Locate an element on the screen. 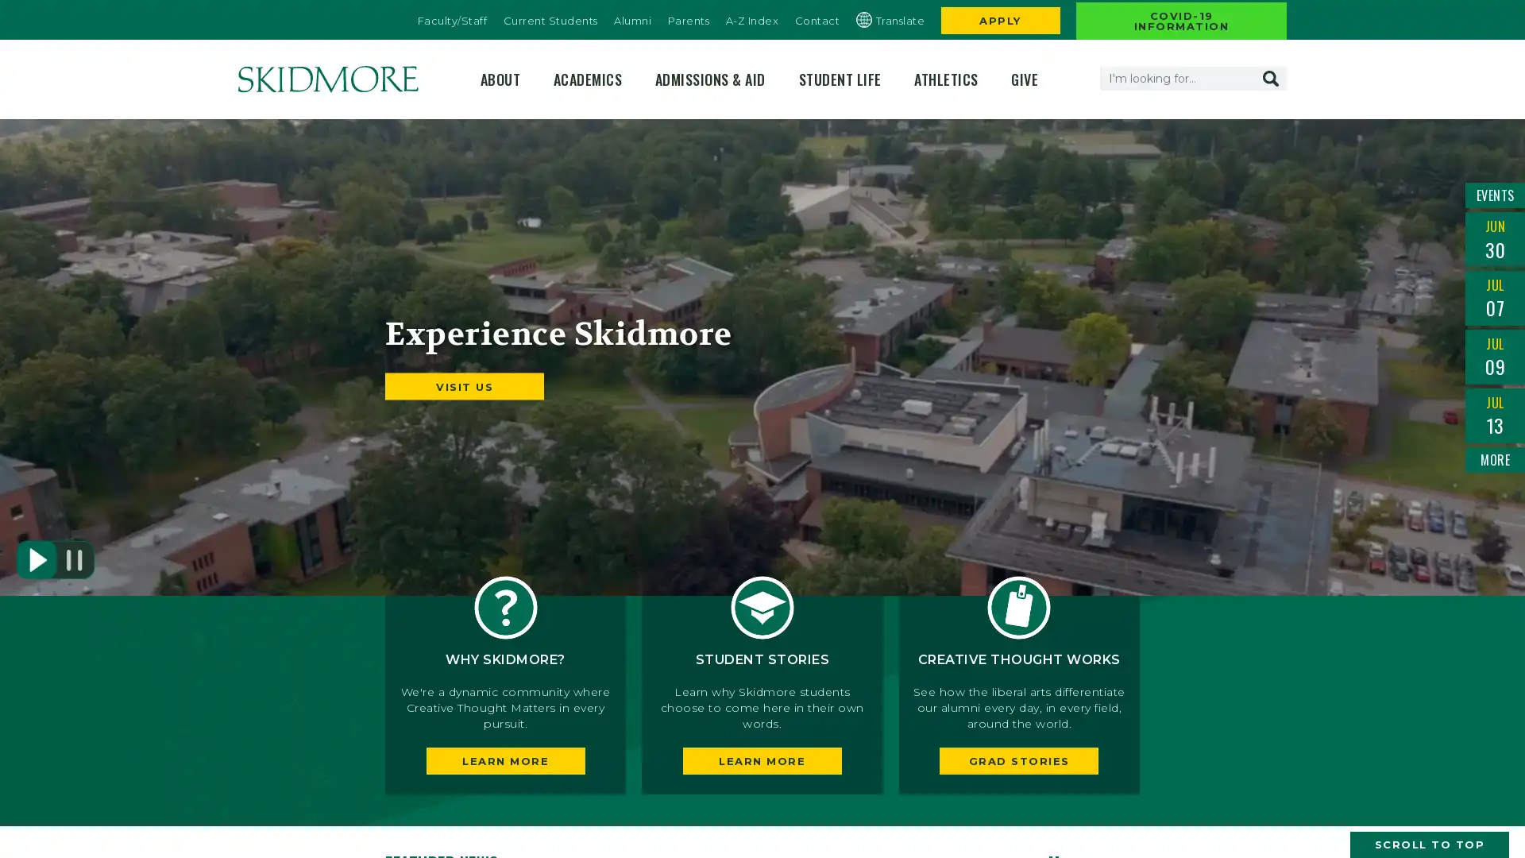 This screenshot has width=1525, height=858. Search is located at coordinates (1272, 79).